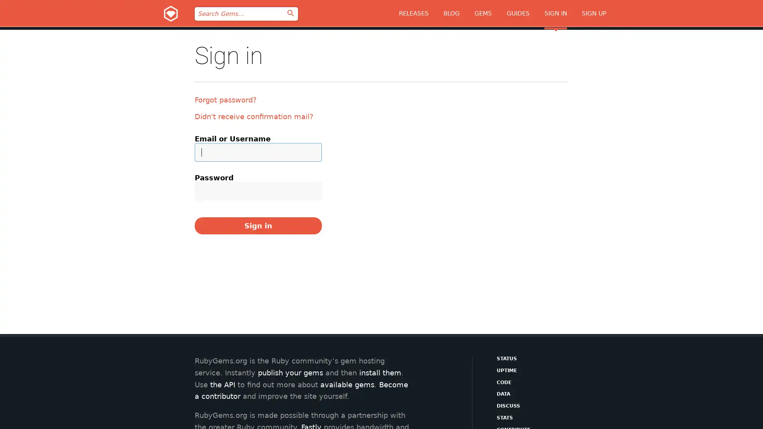 The height and width of the screenshot is (429, 763). Describe the element at coordinates (258, 225) in the screenshot. I see `Sign in` at that location.